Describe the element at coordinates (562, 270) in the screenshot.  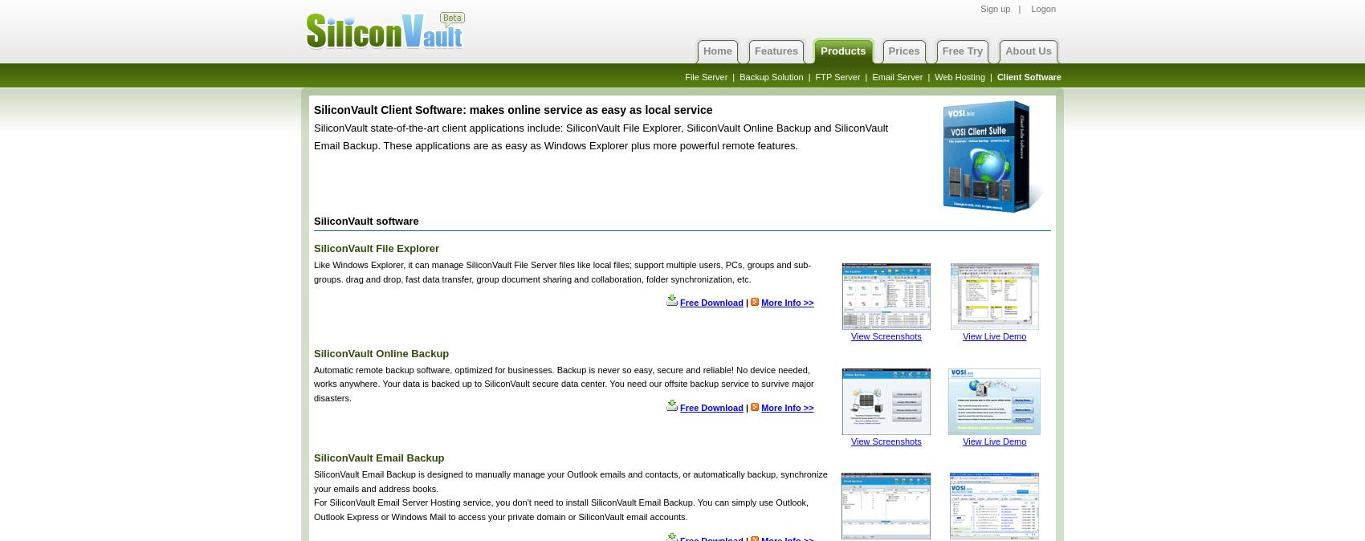
I see `'Like Windows Explorer, it can manage SiliconVault File Server files like local files; support multiple users, PCs, groups and sub-groups.  drag and drop, fast data transfer, group document sharing and collaboration, folder synchronization, etc.'` at that location.